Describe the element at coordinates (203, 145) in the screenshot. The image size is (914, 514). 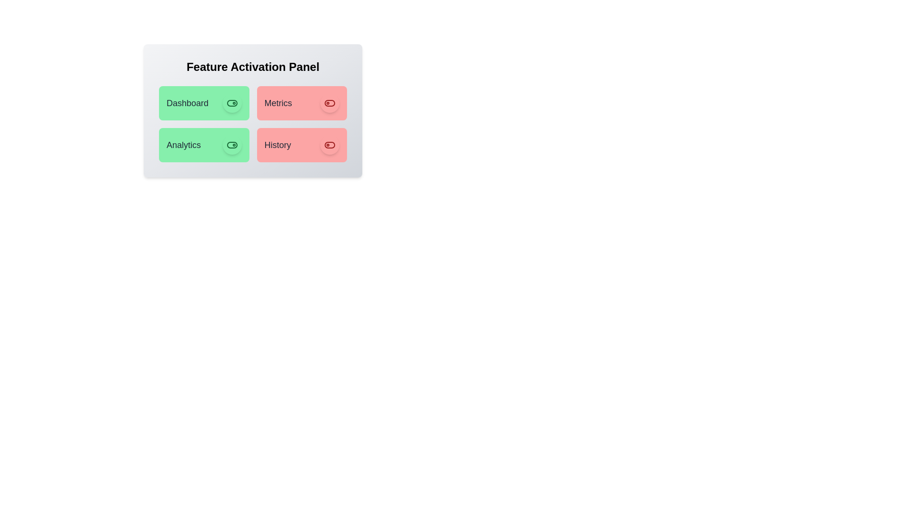
I see `the feature card for Analytics to observe its hover effect` at that location.